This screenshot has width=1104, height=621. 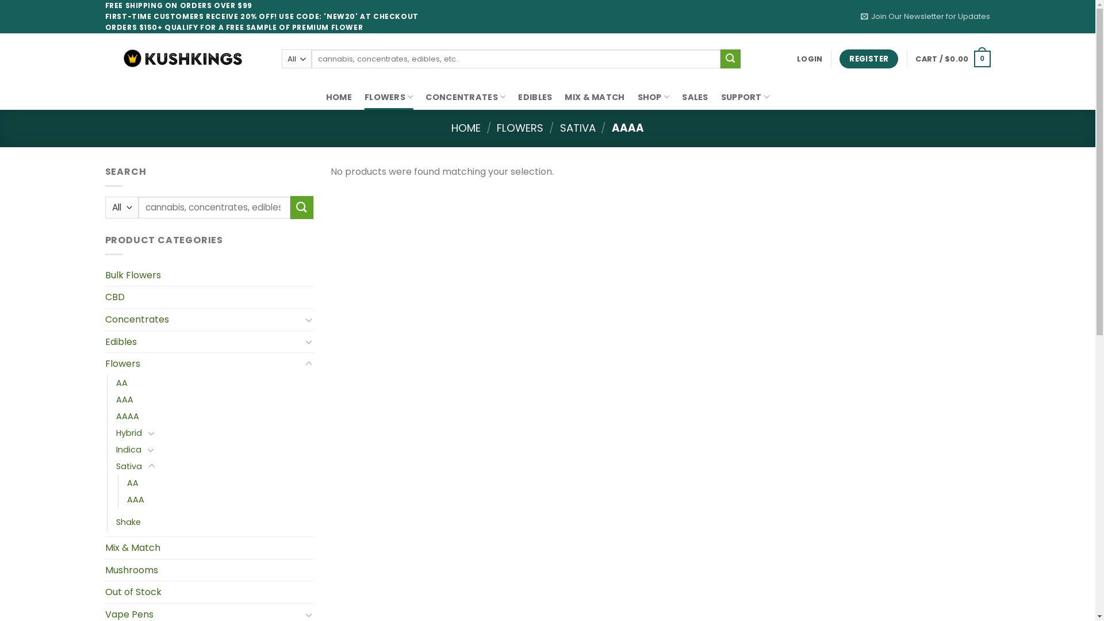 I want to click on 'SUPPORT', so click(x=745, y=97).